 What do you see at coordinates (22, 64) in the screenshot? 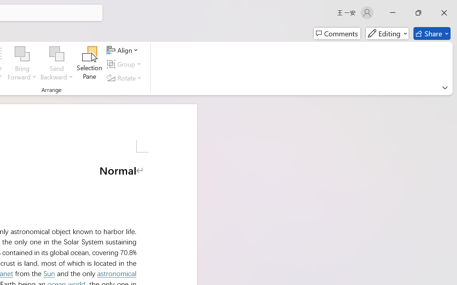
I see `'Bring Forward'` at bounding box center [22, 64].